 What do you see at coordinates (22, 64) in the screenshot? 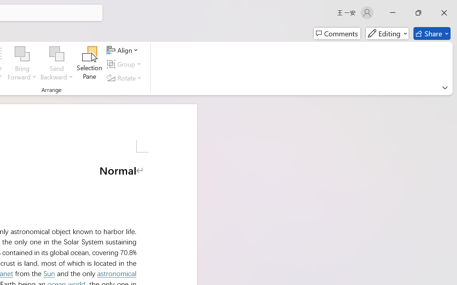
I see `'Bring Forward'` at bounding box center [22, 64].